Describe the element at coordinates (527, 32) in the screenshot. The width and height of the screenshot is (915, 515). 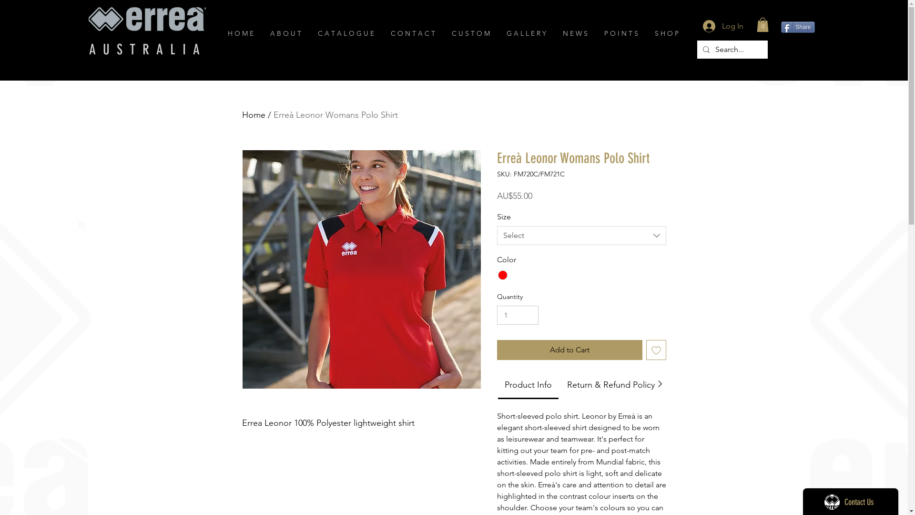
I see `'G A L L E R Y'` at that location.